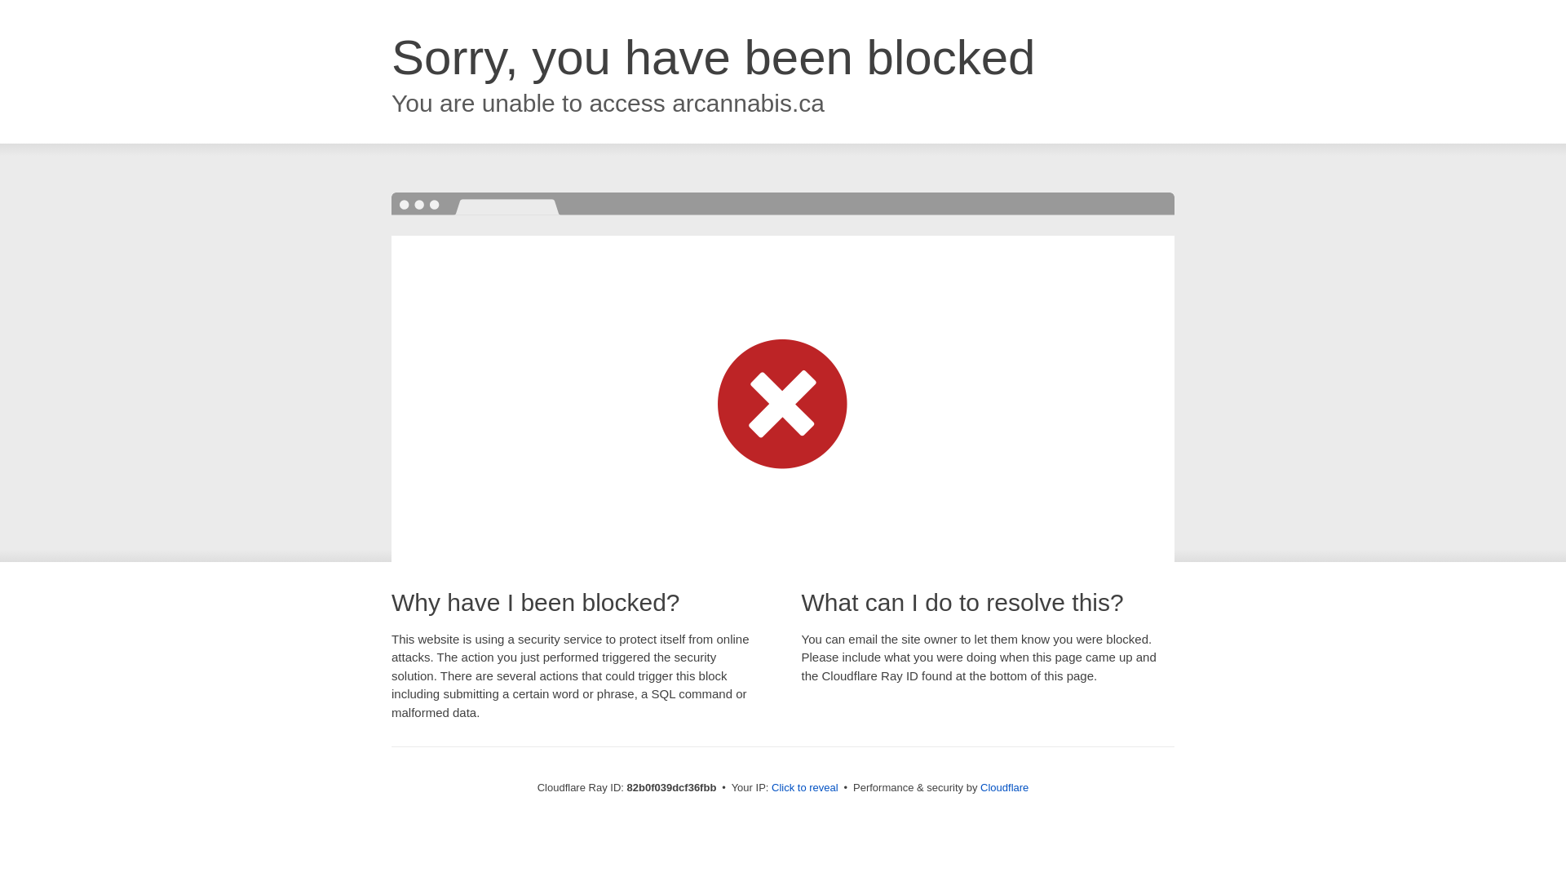  Describe the element at coordinates (770, 786) in the screenshot. I see `'Click to reveal'` at that location.